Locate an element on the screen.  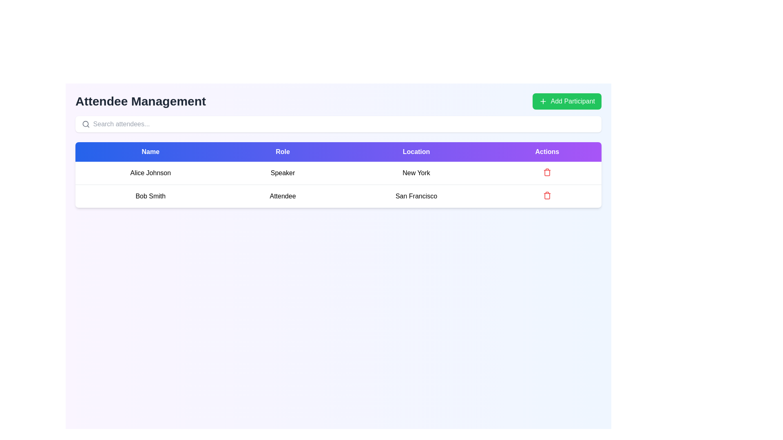
the text label displaying 'New York' for 'Alice Johnson' in the Location column of the table is located at coordinates (416, 173).